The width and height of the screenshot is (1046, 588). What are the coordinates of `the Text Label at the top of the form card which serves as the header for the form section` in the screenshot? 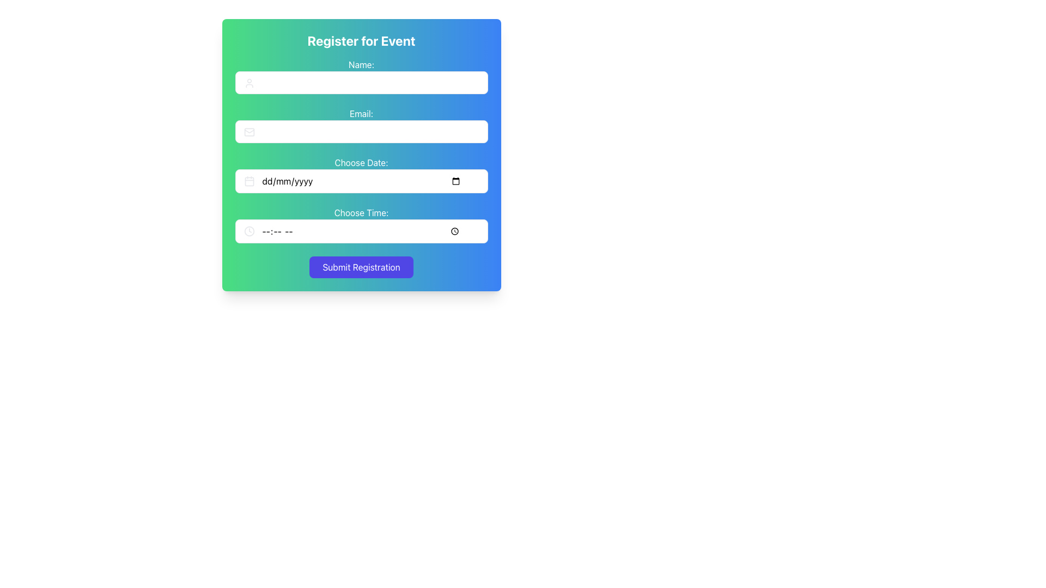 It's located at (361, 40).